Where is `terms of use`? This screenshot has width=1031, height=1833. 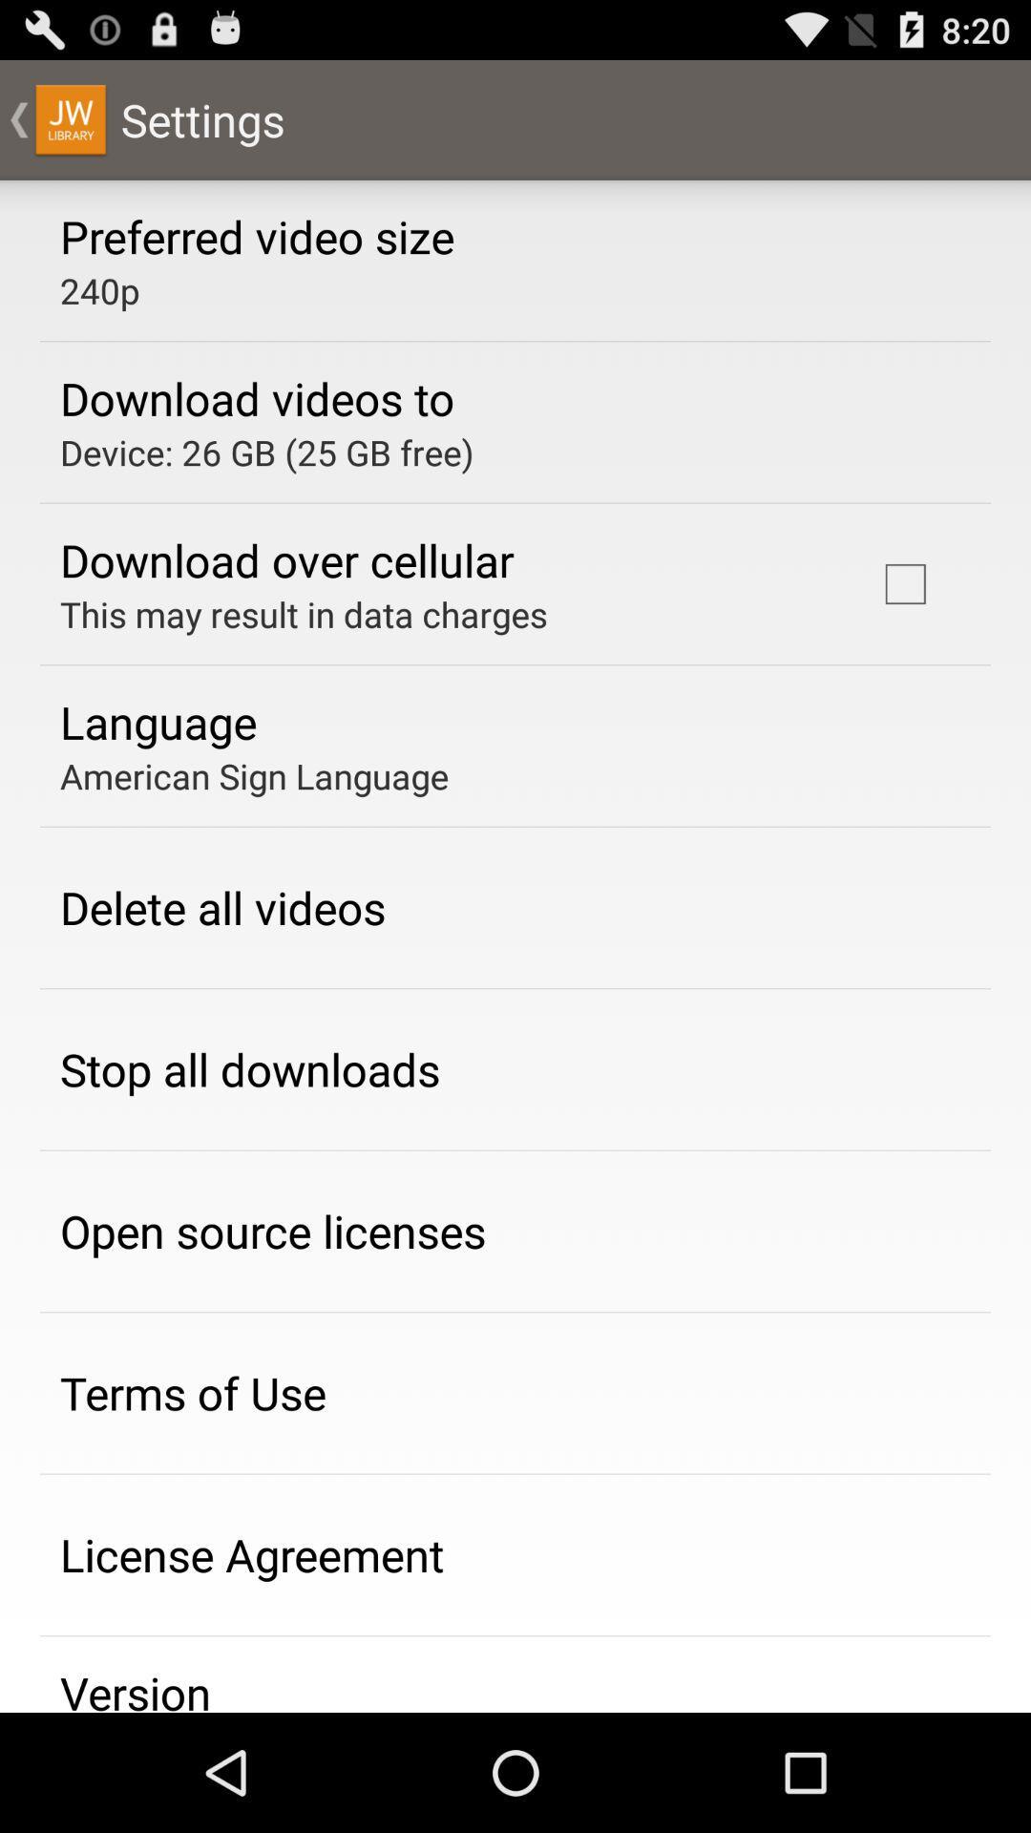 terms of use is located at coordinates (193, 1393).